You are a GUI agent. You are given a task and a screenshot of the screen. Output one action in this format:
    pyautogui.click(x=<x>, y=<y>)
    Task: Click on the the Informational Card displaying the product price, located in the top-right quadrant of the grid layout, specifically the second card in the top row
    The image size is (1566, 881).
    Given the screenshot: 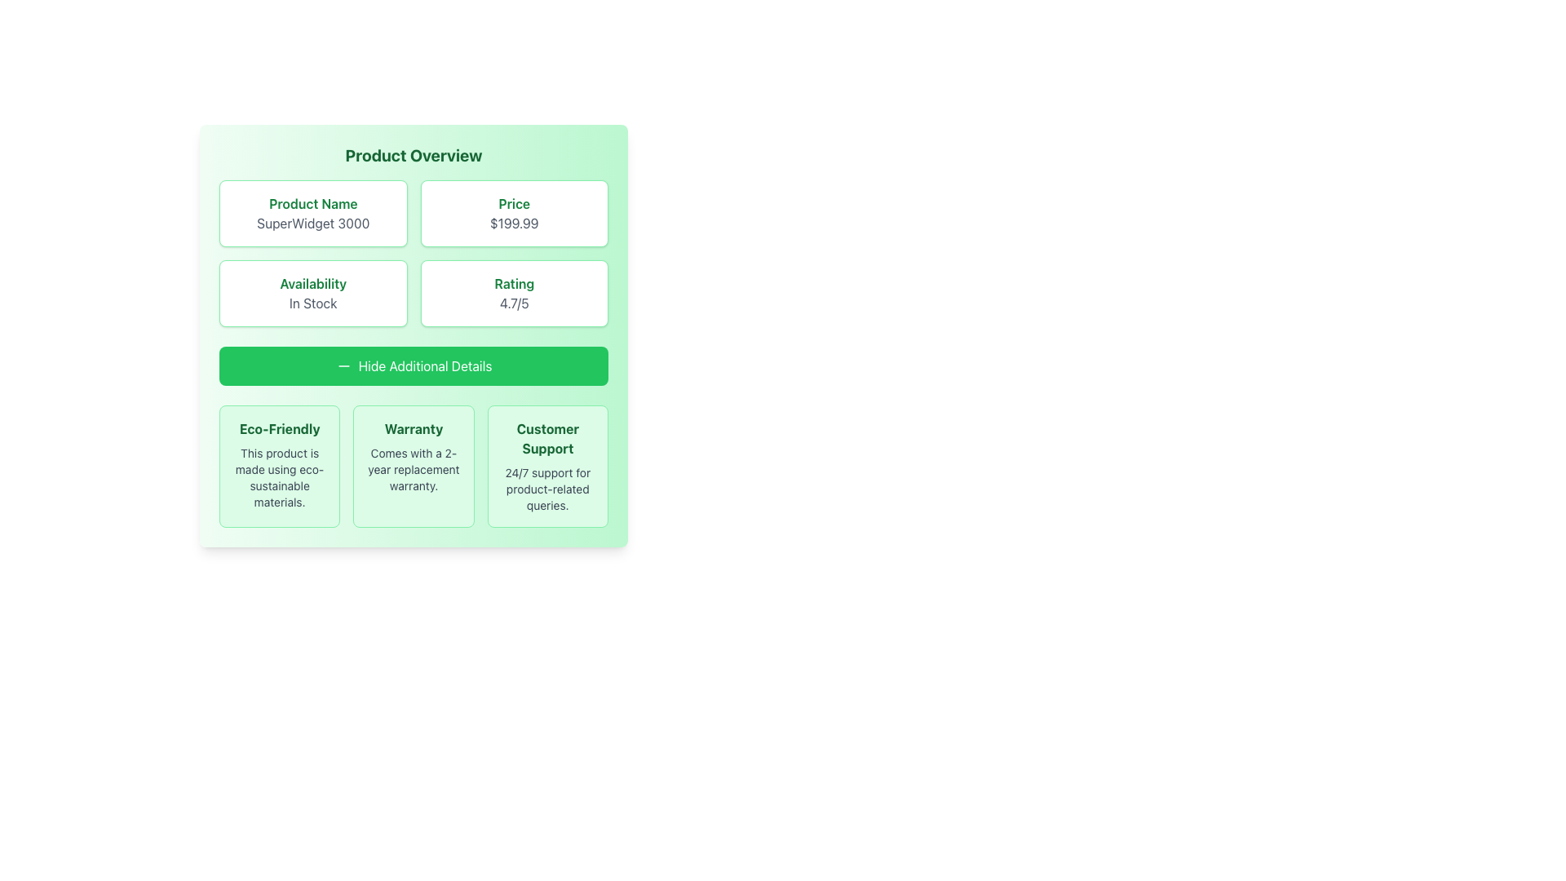 What is the action you would take?
    pyautogui.click(x=513, y=213)
    